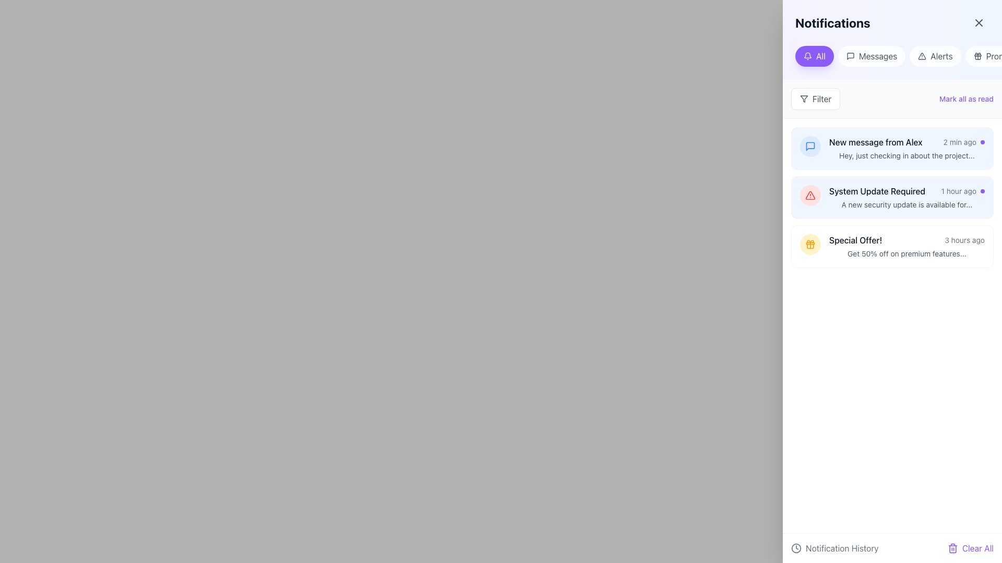 The width and height of the screenshot is (1002, 563). I want to click on the speech bubble icon located in the notification panel, which is part of the 'New message from Alex' notification, so click(810, 146).